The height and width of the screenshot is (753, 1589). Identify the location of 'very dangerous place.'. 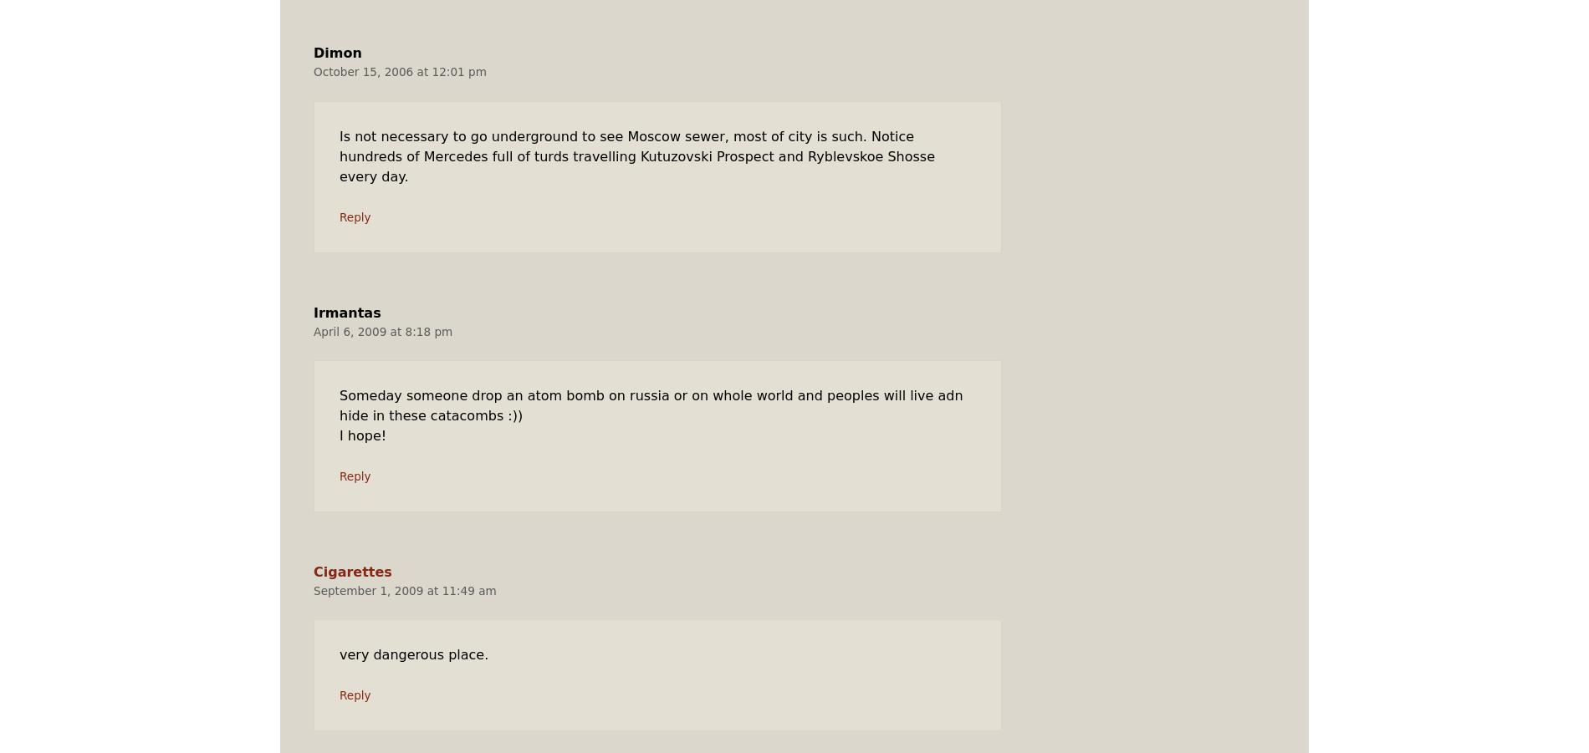
(413, 654).